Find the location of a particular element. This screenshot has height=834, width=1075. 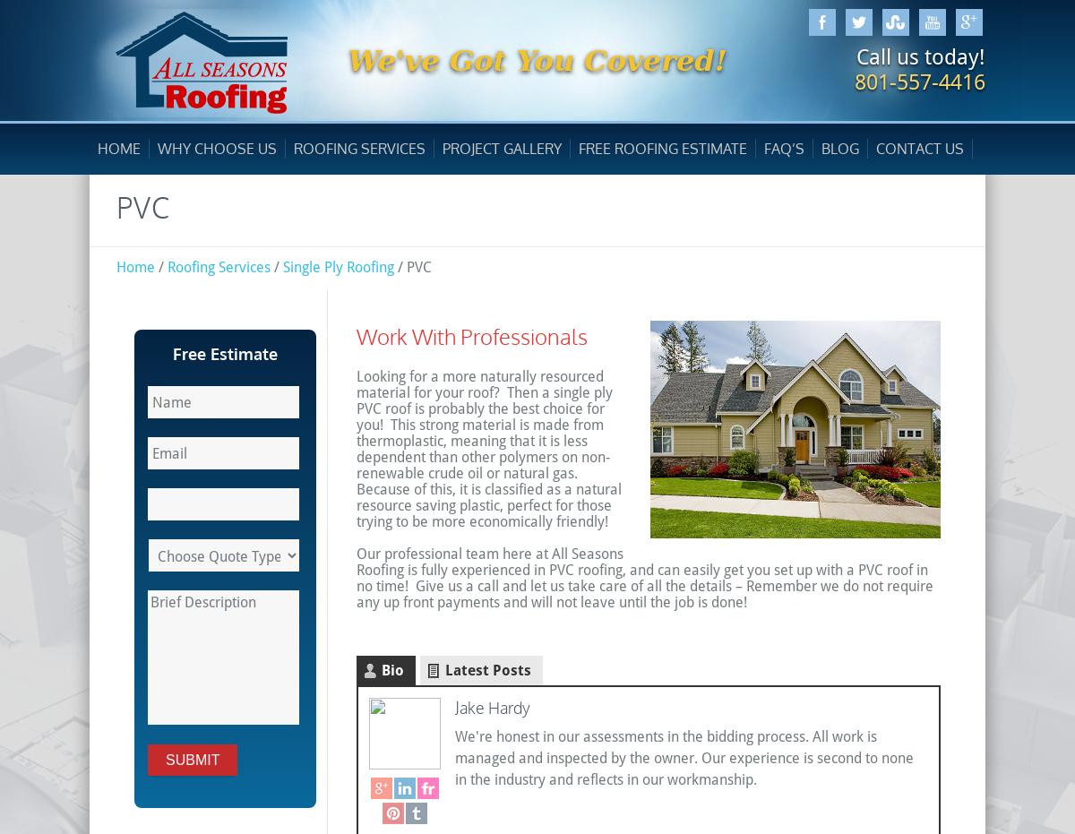

'Bio' is located at coordinates (392, 670).